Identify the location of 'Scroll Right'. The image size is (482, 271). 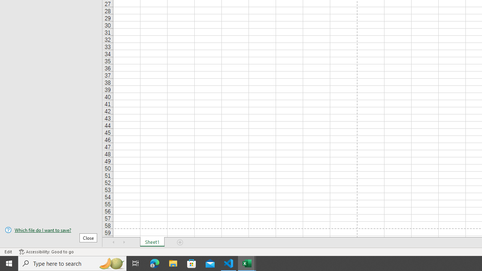
(124, 242).